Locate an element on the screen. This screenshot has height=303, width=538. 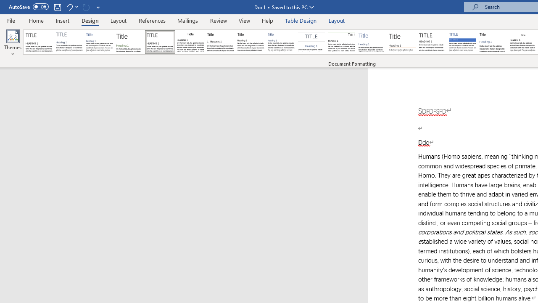
'Can' is located at coordinates (86, 7).